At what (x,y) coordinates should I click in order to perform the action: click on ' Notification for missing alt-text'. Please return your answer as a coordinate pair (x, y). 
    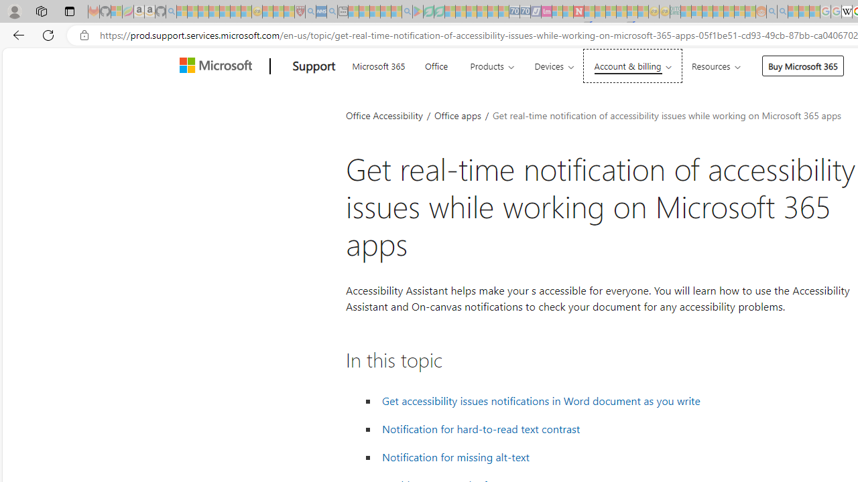
    Looking at the image, I should click on (455, 456).